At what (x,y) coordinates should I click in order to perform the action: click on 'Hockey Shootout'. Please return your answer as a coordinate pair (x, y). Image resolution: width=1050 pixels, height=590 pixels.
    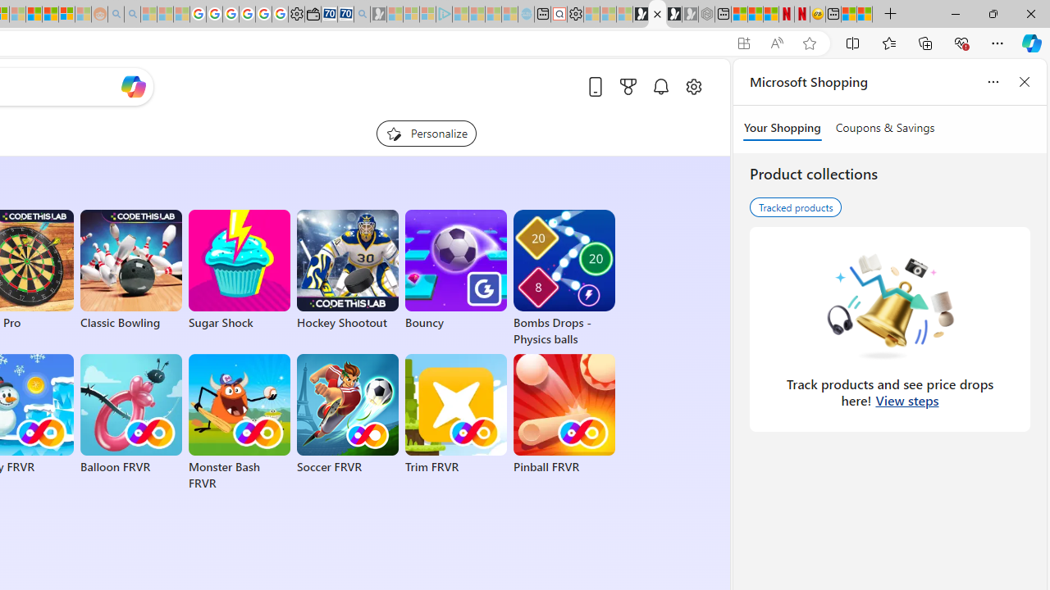
    Looking at the image, I should click on (347, 270).